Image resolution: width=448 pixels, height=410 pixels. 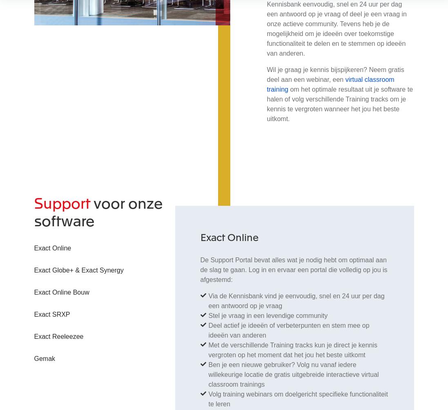 What do you see at coordinates (339, 104) in the screenshot?
I see `'om het optimale resultaat uit je software te halen of volg verschillende Training tracks om je kennis te vergroten wanneer het jou het beste uitkomt.'` at bounding box center [339, 104].